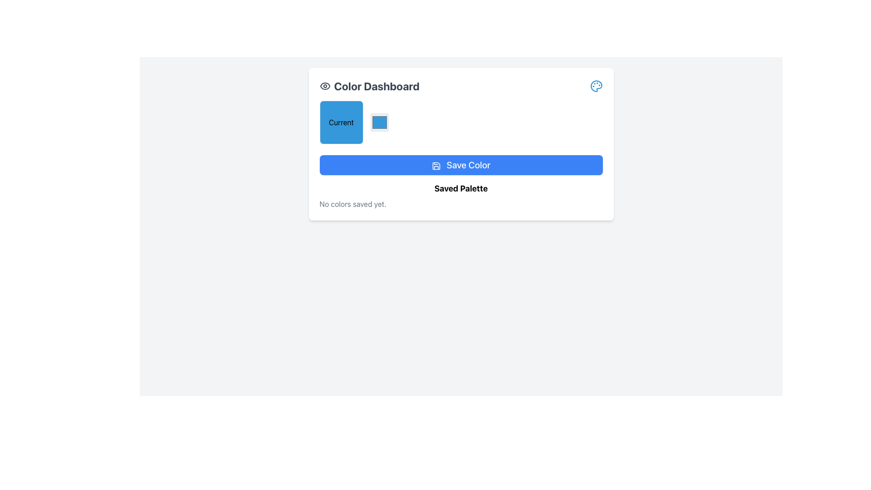  I want to click on informational text element titled 'Saved Palette' that displays the message 'No colors saved yet.' located within the 'Color Dashboard' card, below the 'Save Color' button, so click(461, 196).